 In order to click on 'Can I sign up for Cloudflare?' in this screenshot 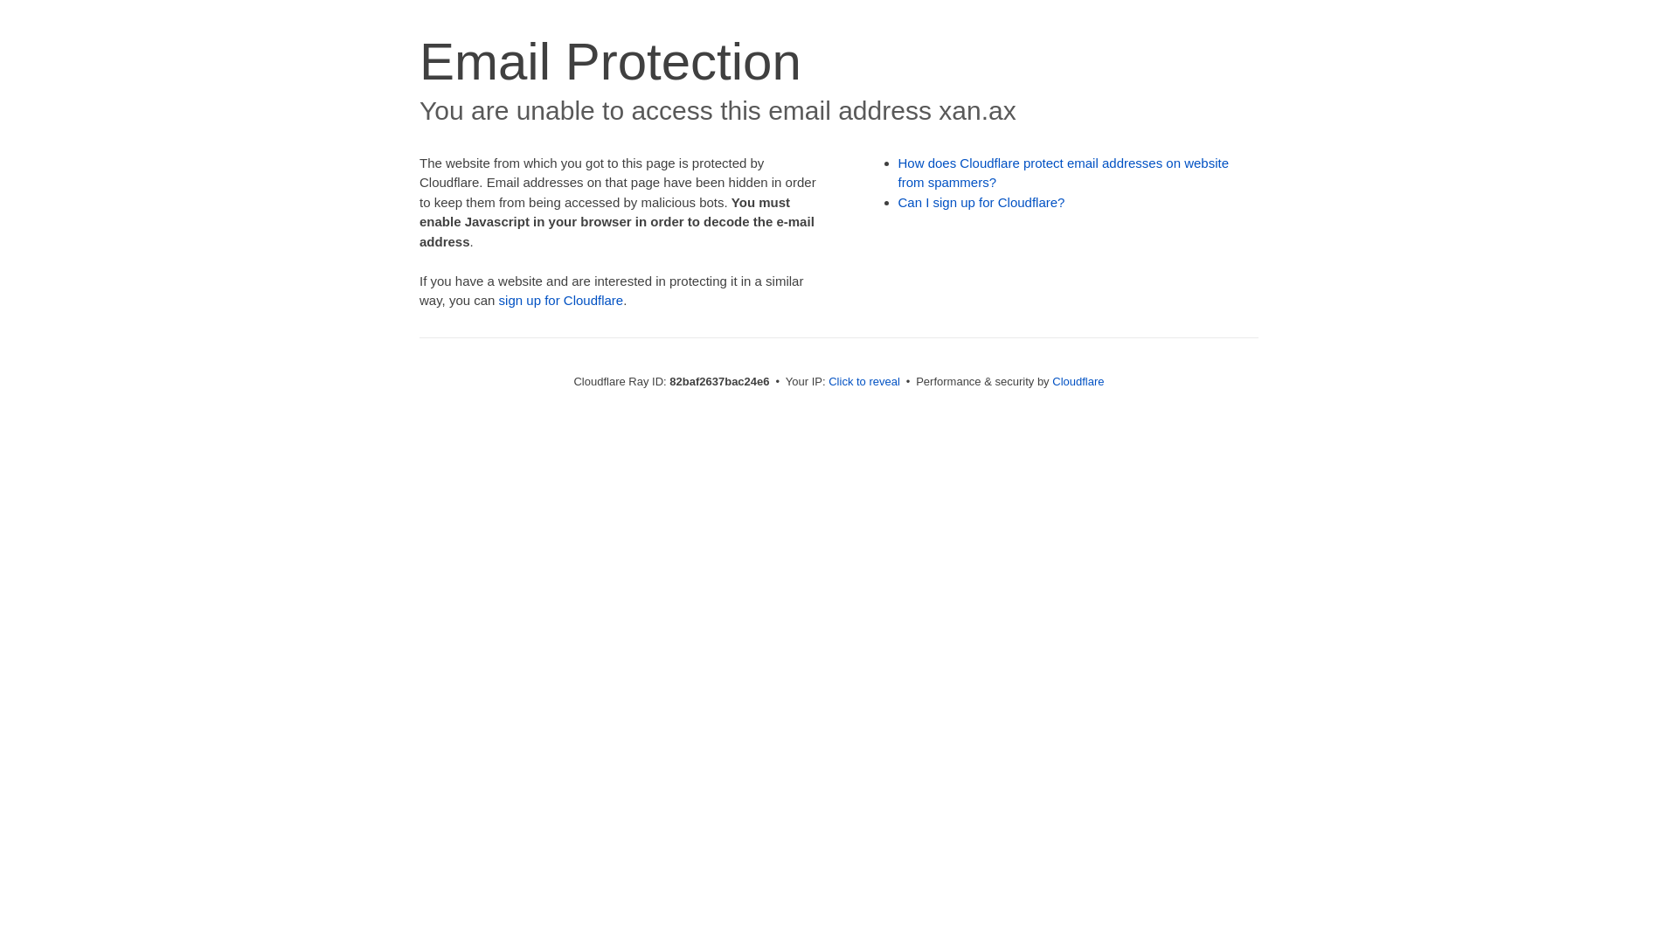, I will do `click(981, 201)`.